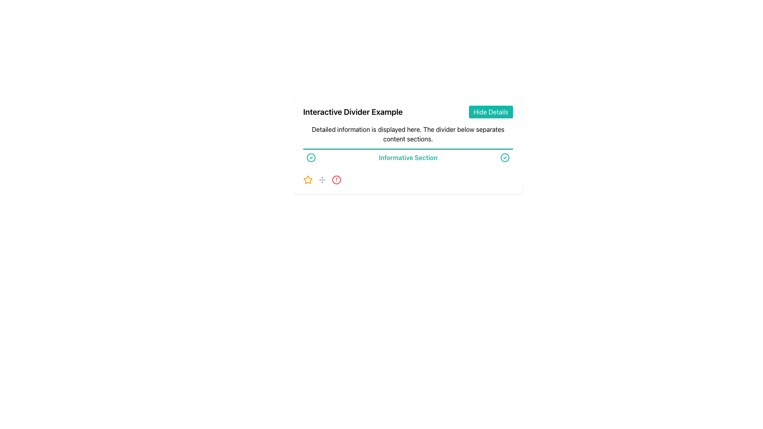  Describe the element at coordinates (307, 180) in the screenshot. I see `the five-pointed star icon outlined in orange, which is the first in a row of icons beneath the 'Informative Section' title` at that location.